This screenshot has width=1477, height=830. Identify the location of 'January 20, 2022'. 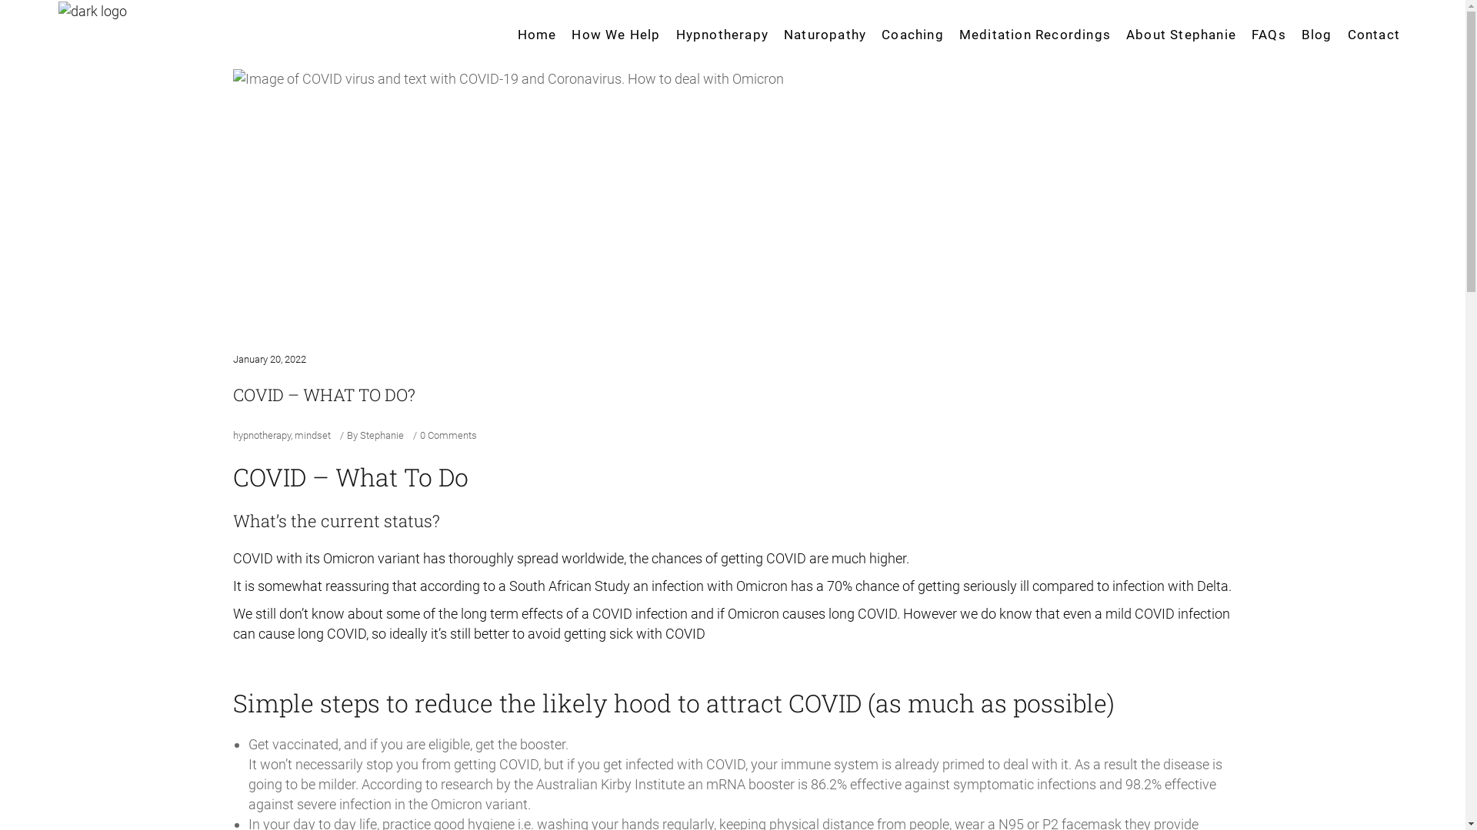
(268, 359).